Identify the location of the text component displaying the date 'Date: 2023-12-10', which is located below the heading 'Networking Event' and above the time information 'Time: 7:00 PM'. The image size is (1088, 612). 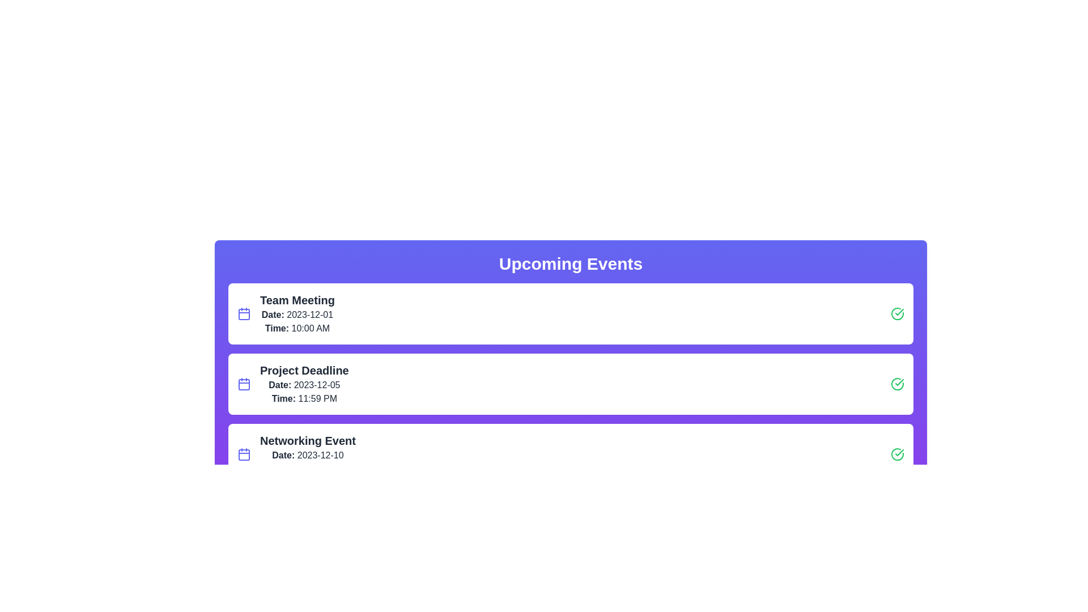
(308, 454).